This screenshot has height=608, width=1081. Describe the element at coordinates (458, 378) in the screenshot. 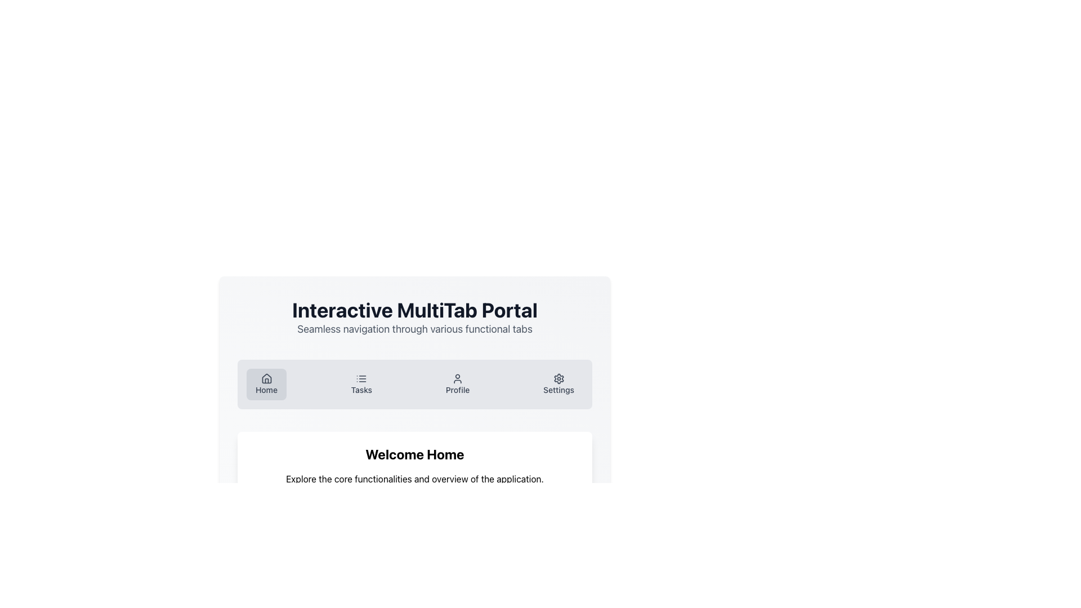

I see `the user figure icon above the 'Profile' text` at that location.